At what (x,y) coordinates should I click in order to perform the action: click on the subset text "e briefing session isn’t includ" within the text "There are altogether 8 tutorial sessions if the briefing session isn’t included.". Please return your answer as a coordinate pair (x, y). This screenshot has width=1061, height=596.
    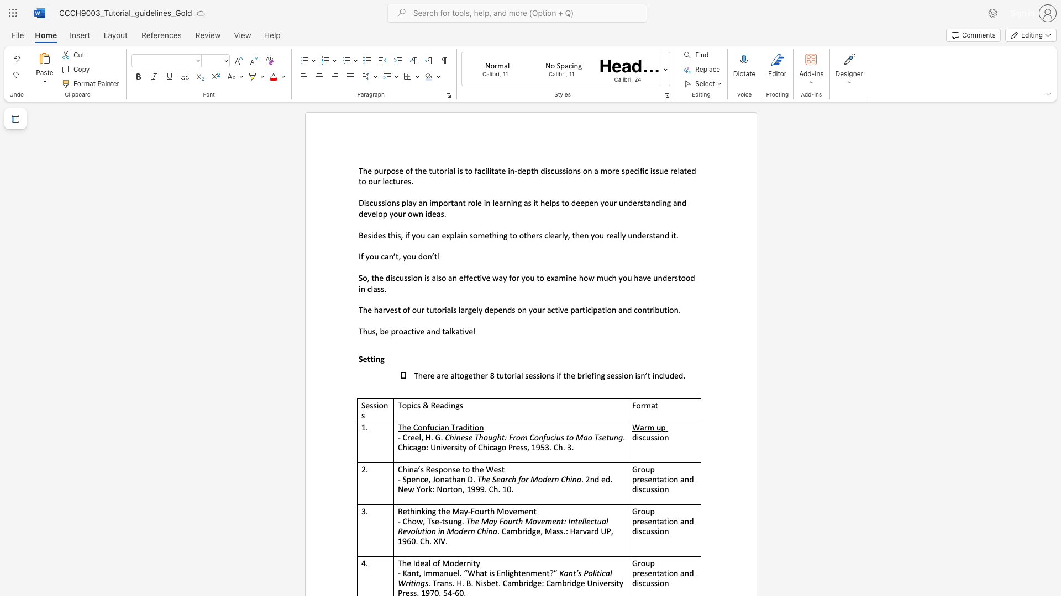
    Looking at the image, I should click on (571, 375).